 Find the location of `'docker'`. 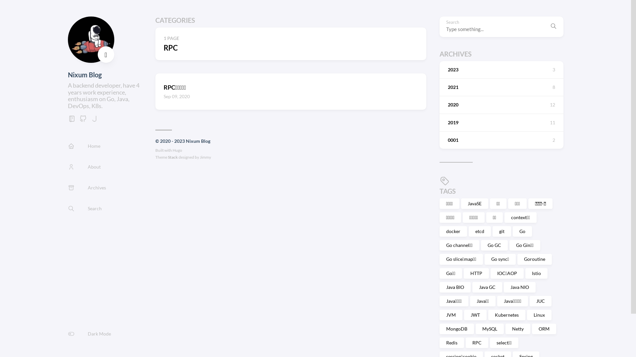

'docker' is located at coordinates (452, 231).